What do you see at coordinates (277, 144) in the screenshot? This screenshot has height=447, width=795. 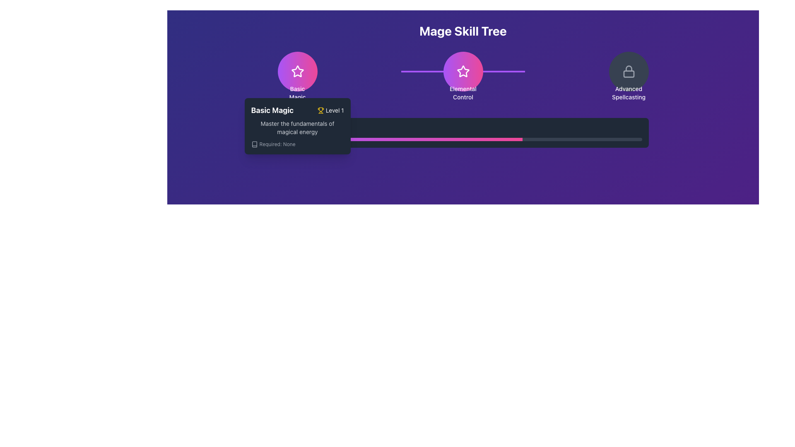 I see `the static text label displaying 'Required: None', which is styled in gray text and positioned at the bottom-left of the card related to 'Basic Magic'` at bounding box center [277, 144].